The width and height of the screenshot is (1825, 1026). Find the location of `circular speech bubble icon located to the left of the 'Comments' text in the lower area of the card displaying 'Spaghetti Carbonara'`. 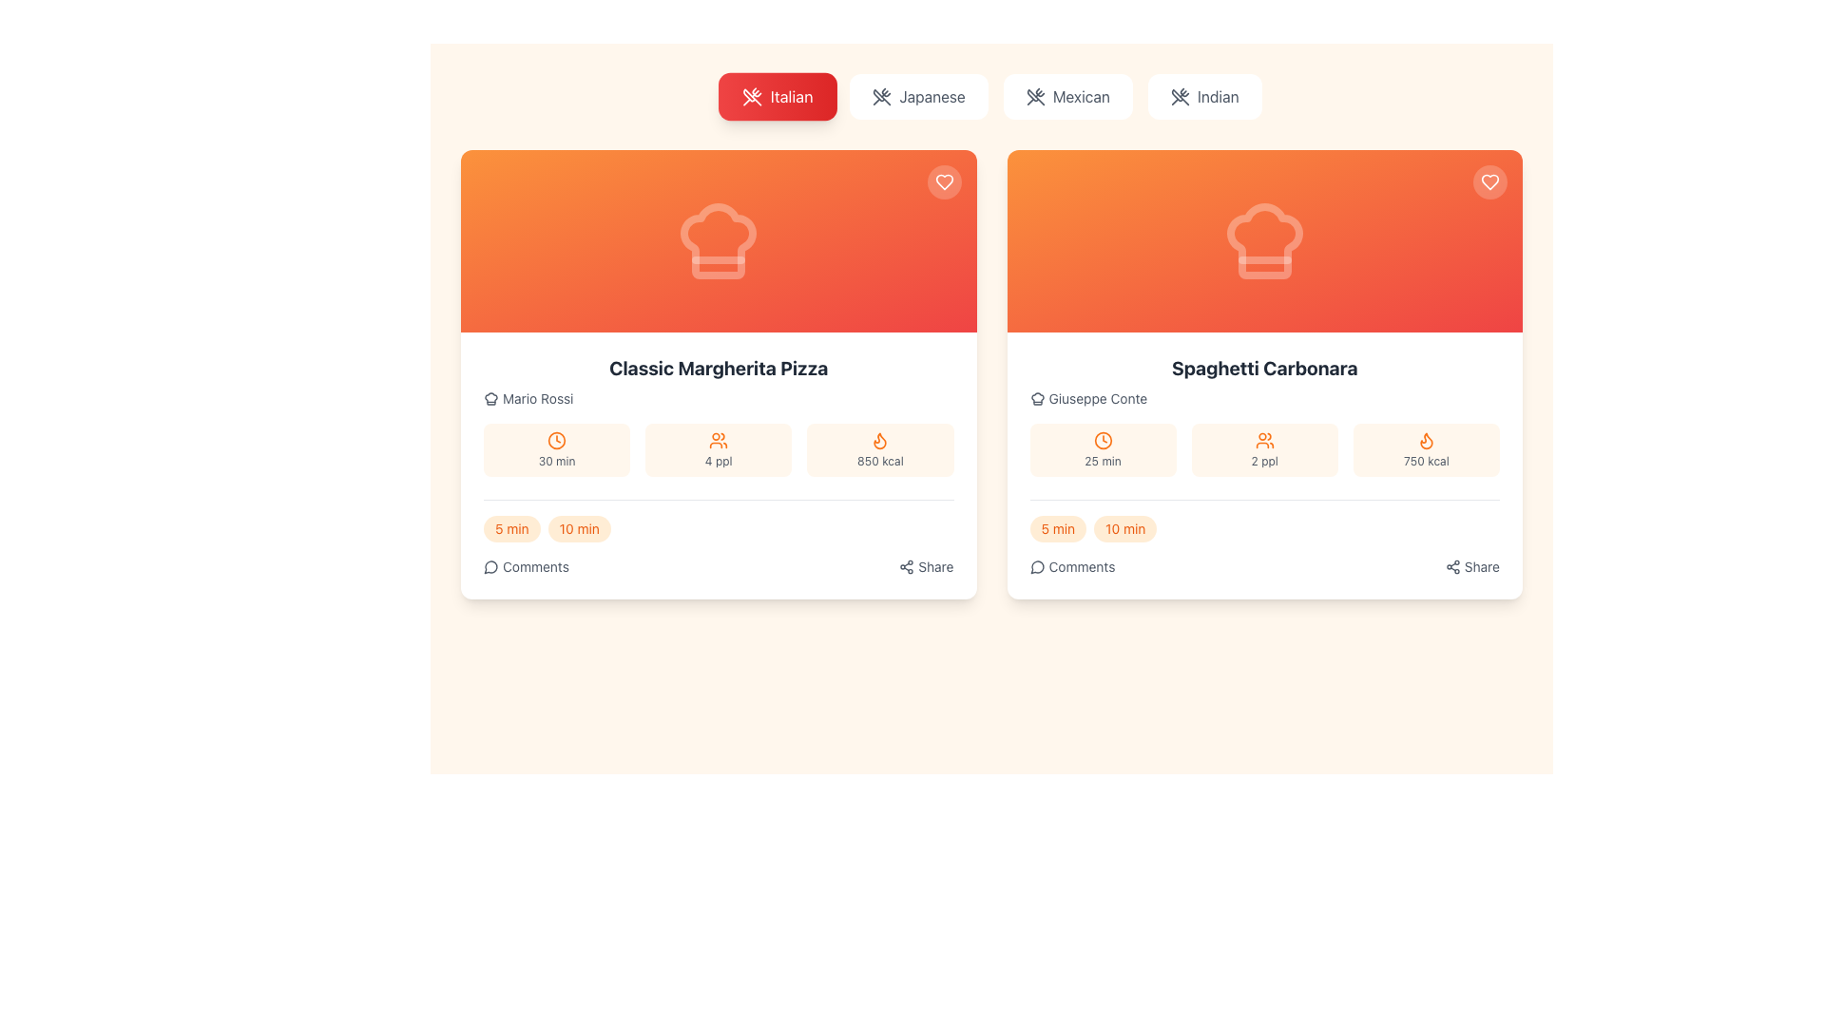

circular speech bubble icon located to the left of the 'Comments' text in the lower area of the card displaying 'Spaghetti Carbonara' is located at coordinates (1036, 566).